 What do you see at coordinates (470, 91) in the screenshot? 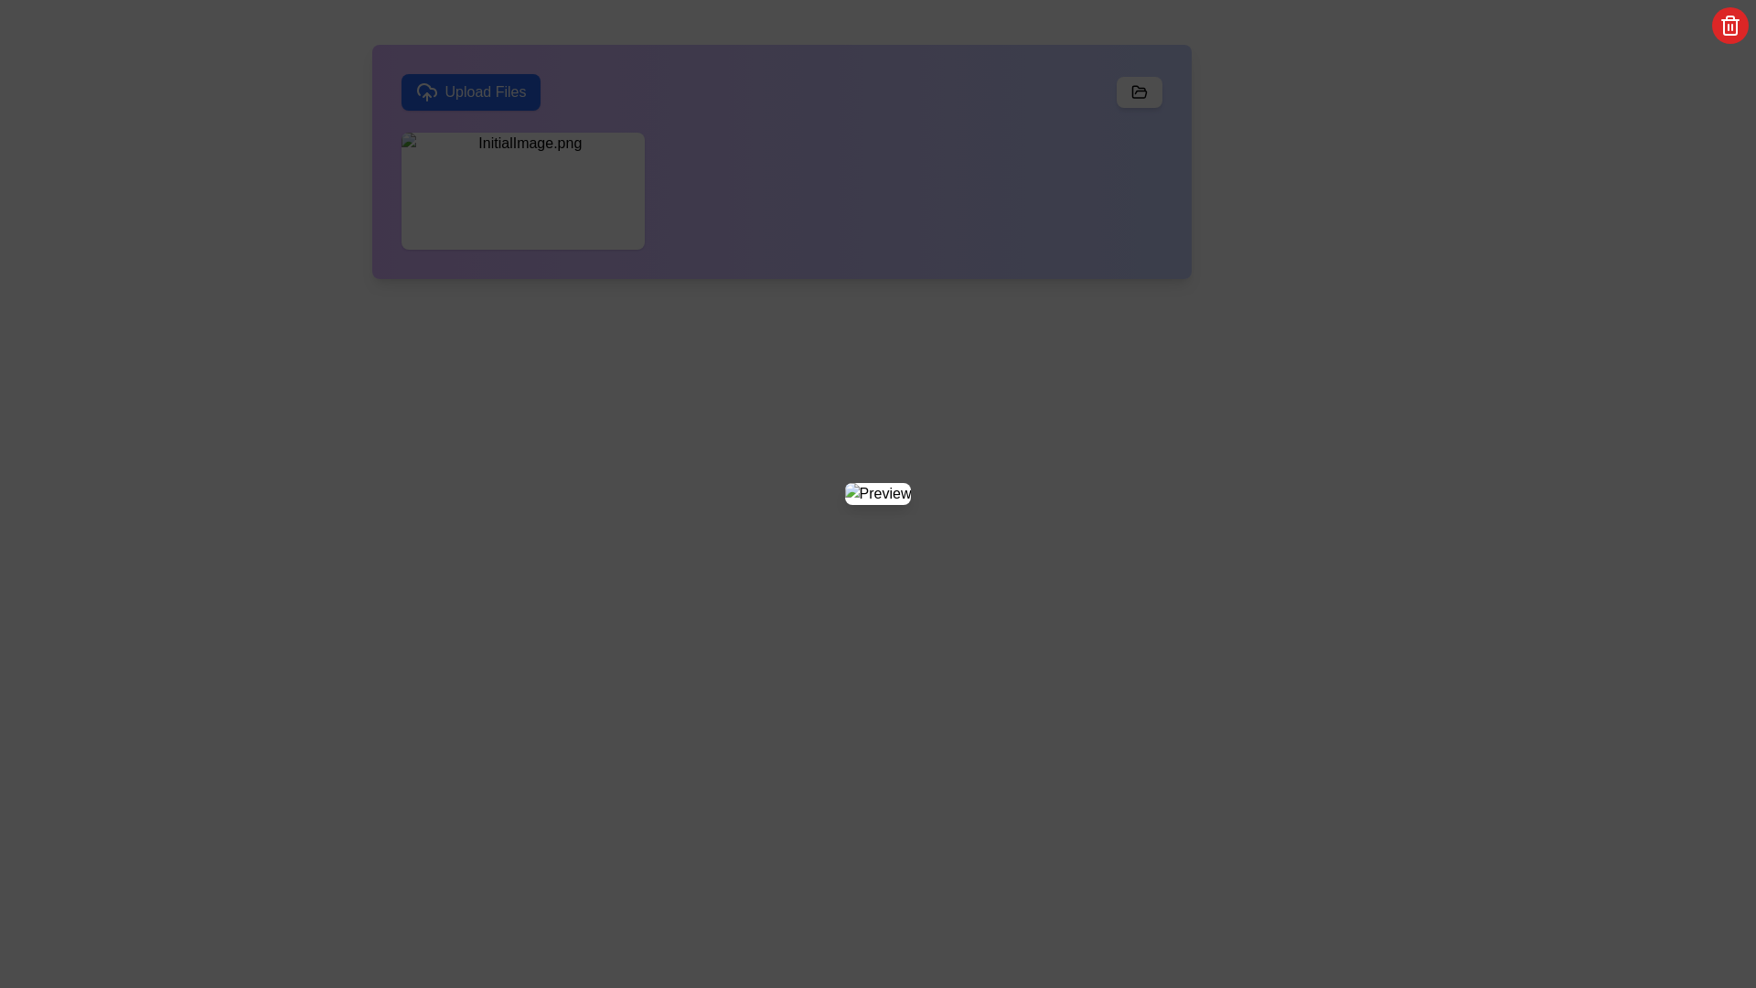
I see `the blue button labeled 'Upload Files'` at bounding box center [470, 91].